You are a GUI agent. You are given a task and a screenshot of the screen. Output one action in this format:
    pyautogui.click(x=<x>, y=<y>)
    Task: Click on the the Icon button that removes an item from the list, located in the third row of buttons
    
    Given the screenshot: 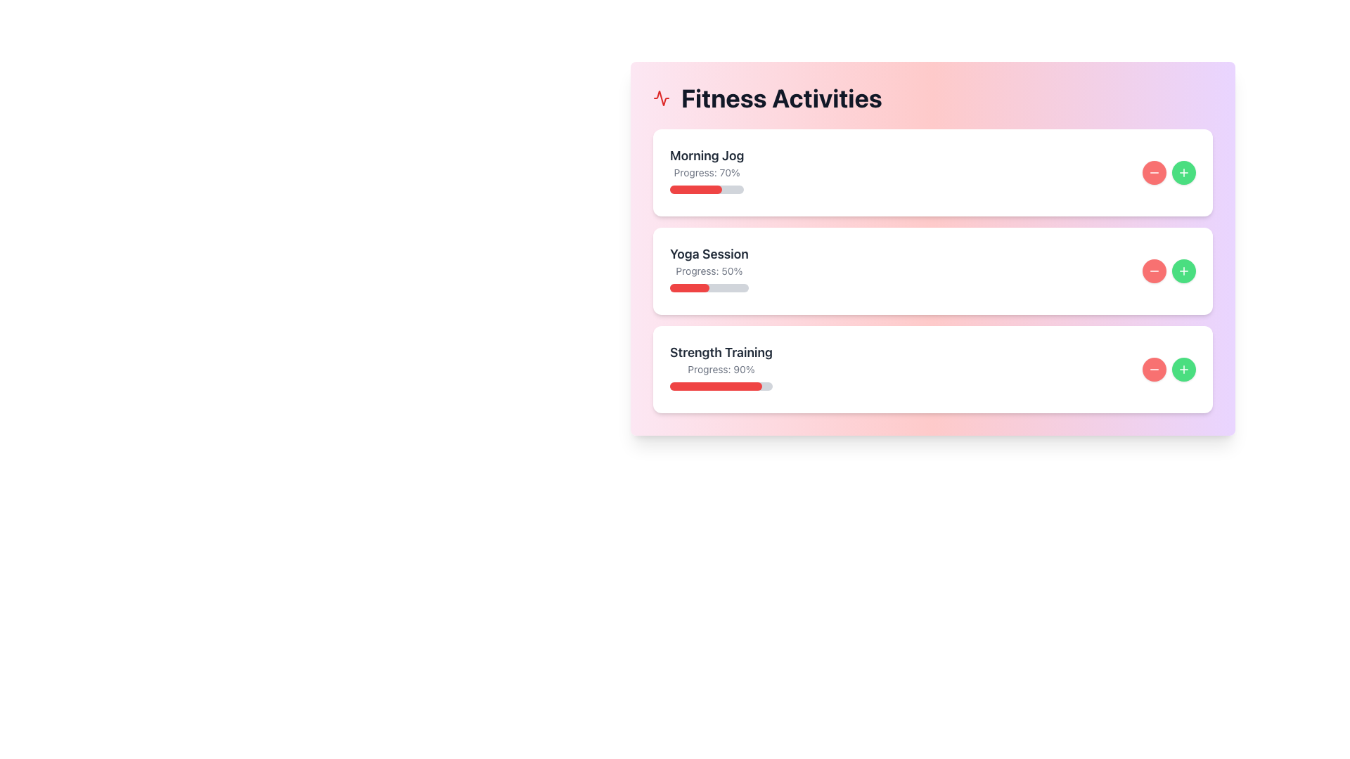 What is the action you would take?
    pyautogui.click(x=1154, y=271)
    